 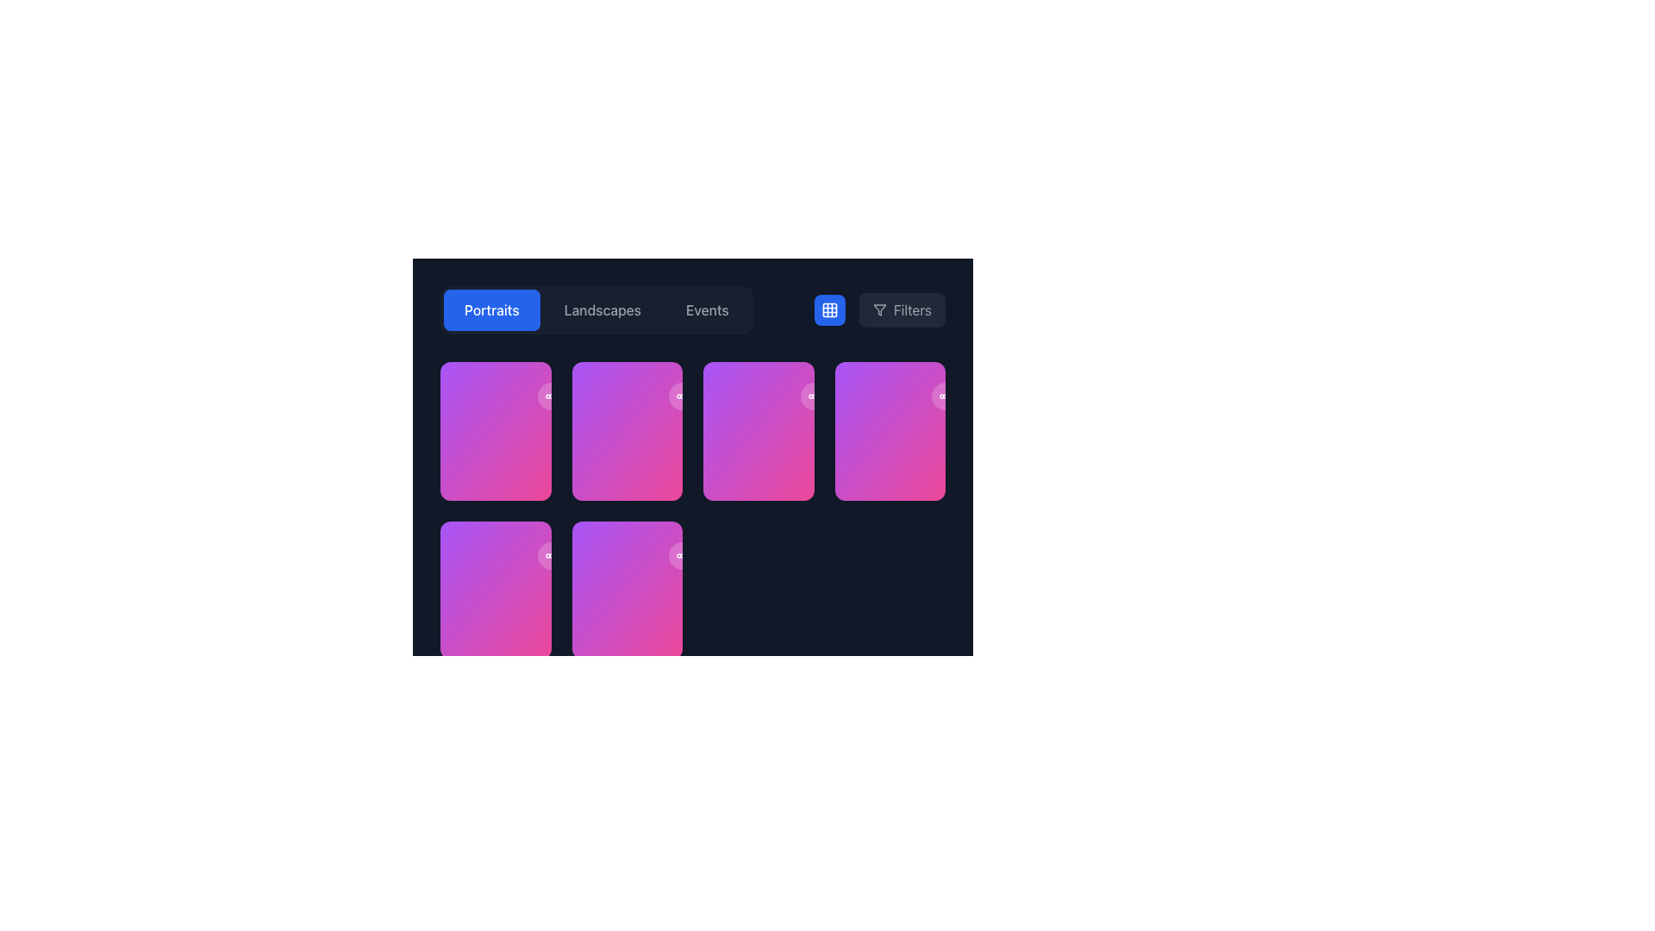 I want to click on the VisualGridCard, which is the last tile in the second row of a grid layout, featuring a gradient background from purple to pink and rounded corners, so click(x=626, y=589).